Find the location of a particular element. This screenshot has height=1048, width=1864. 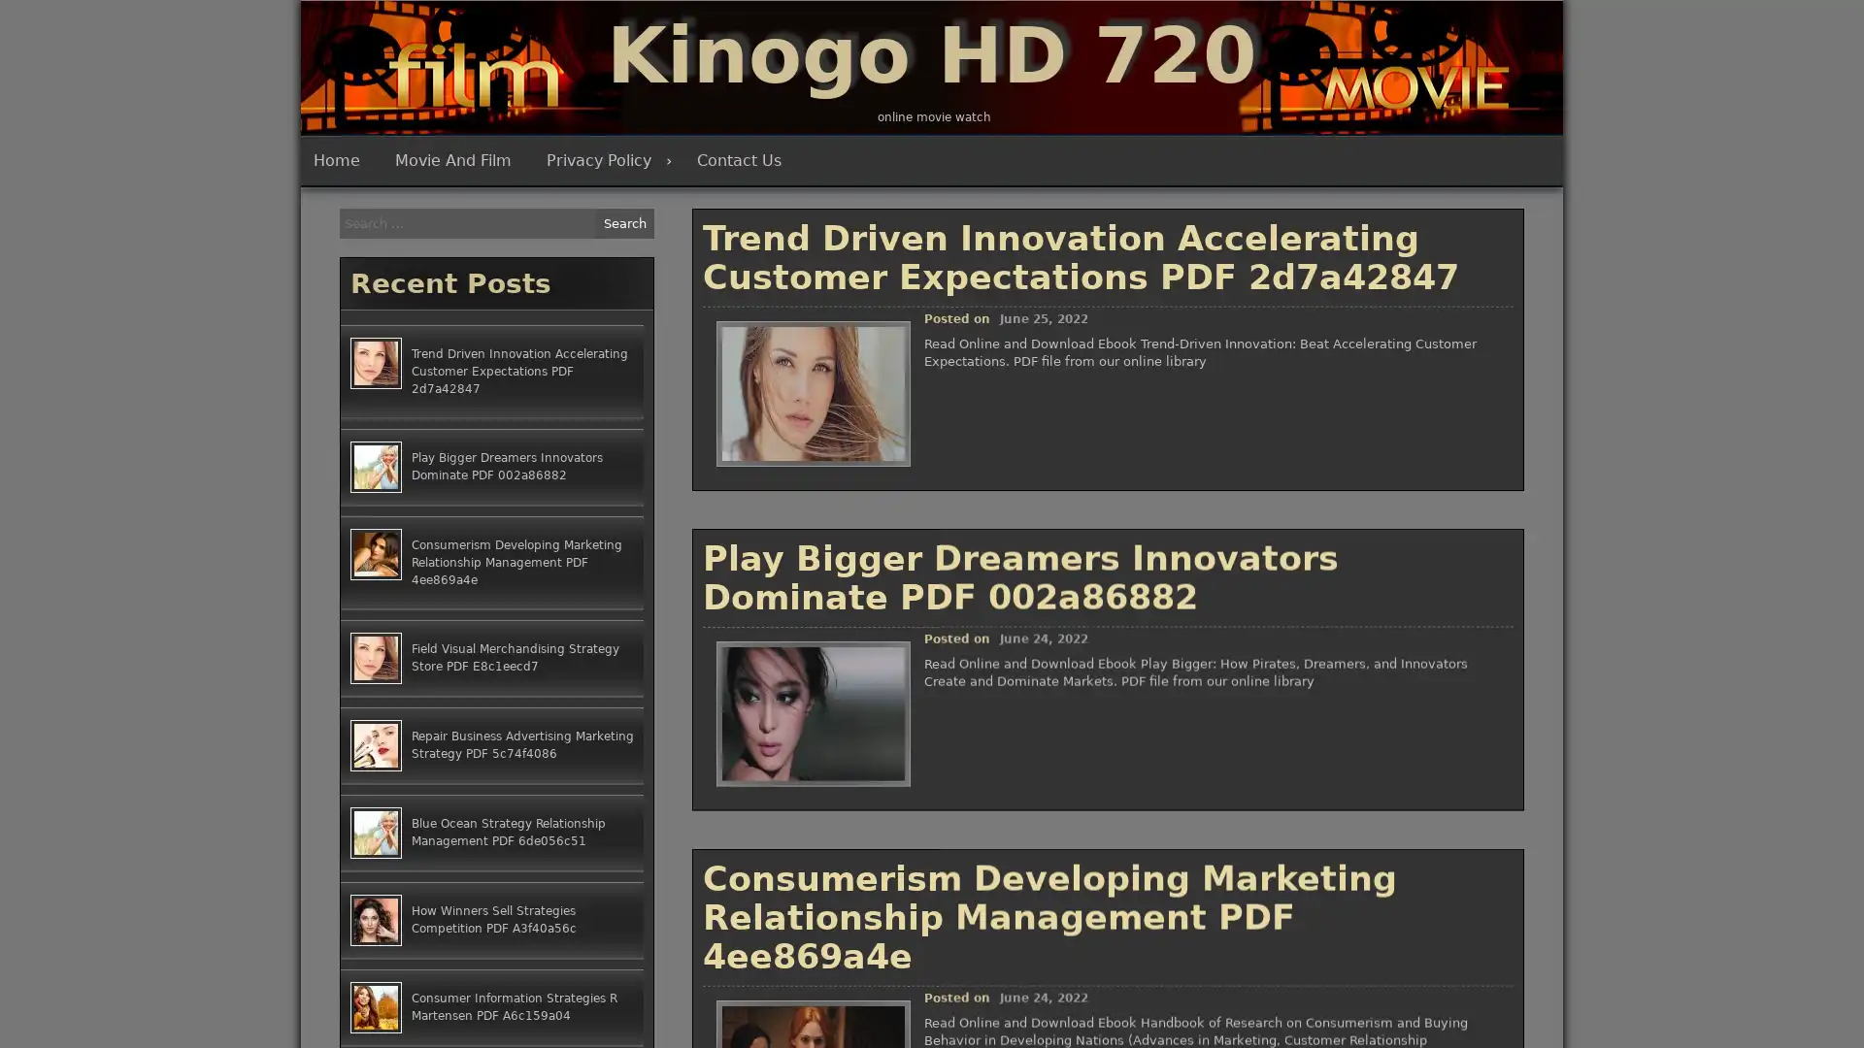

Search is located at coordinates (624, 222).